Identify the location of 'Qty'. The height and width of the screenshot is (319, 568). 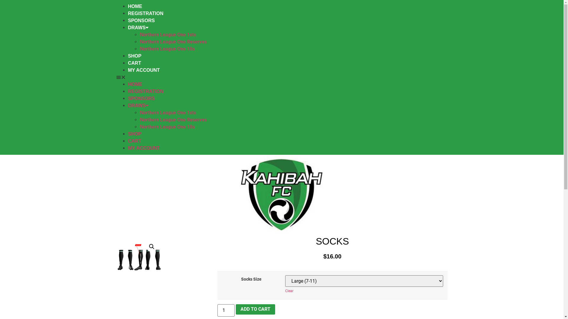
(225, 310).